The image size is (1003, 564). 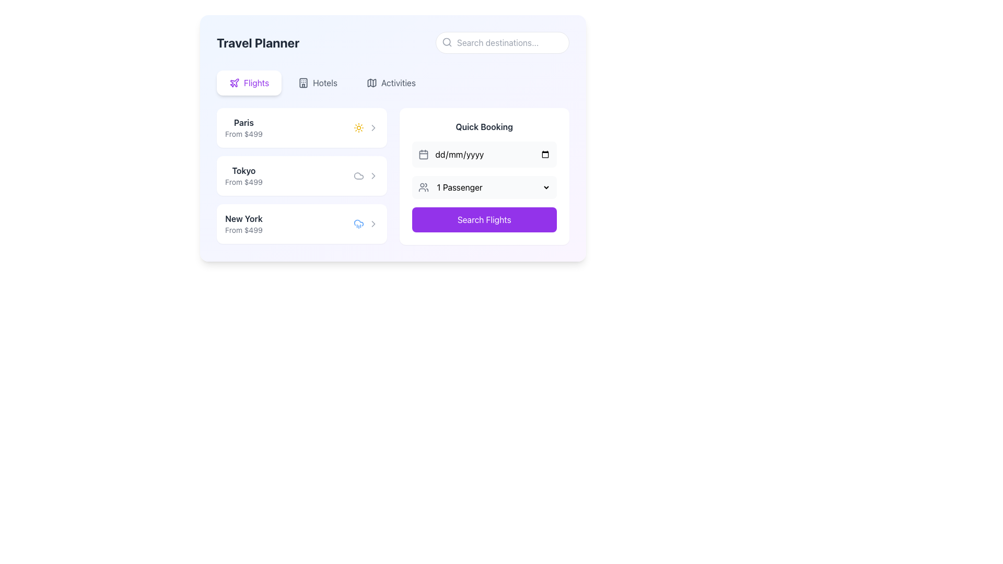 What do you see at coordinates (492, 186) in the screenshot?
I see `the Dropdown menu labeled '1 Passenger' in the 'Quick Booking' section by` at bounding box center [492, 186].